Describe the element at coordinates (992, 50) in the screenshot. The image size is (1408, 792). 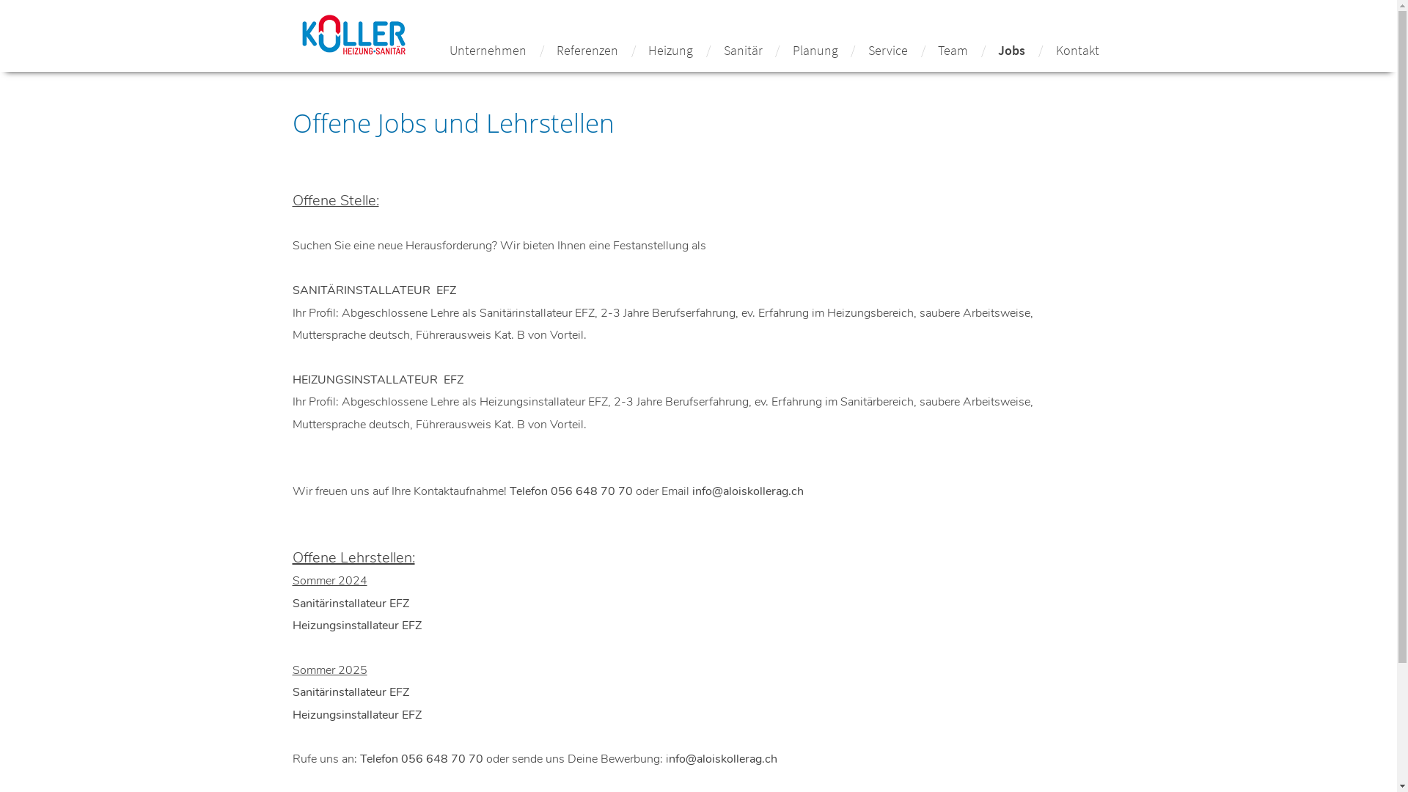
I see `'Jobs'` at that location.